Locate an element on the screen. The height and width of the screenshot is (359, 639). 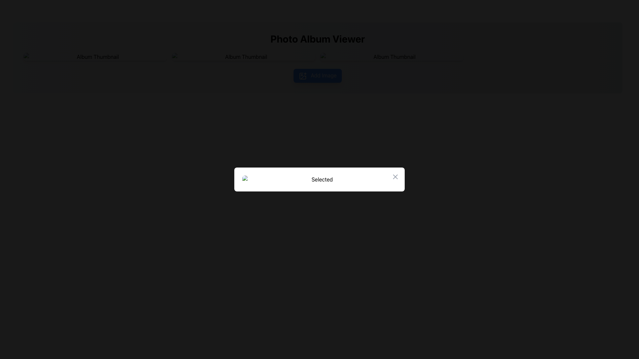
the interactive thumbnail for the album located in the top-left corner of the grid is located at coordinates (95, 56).